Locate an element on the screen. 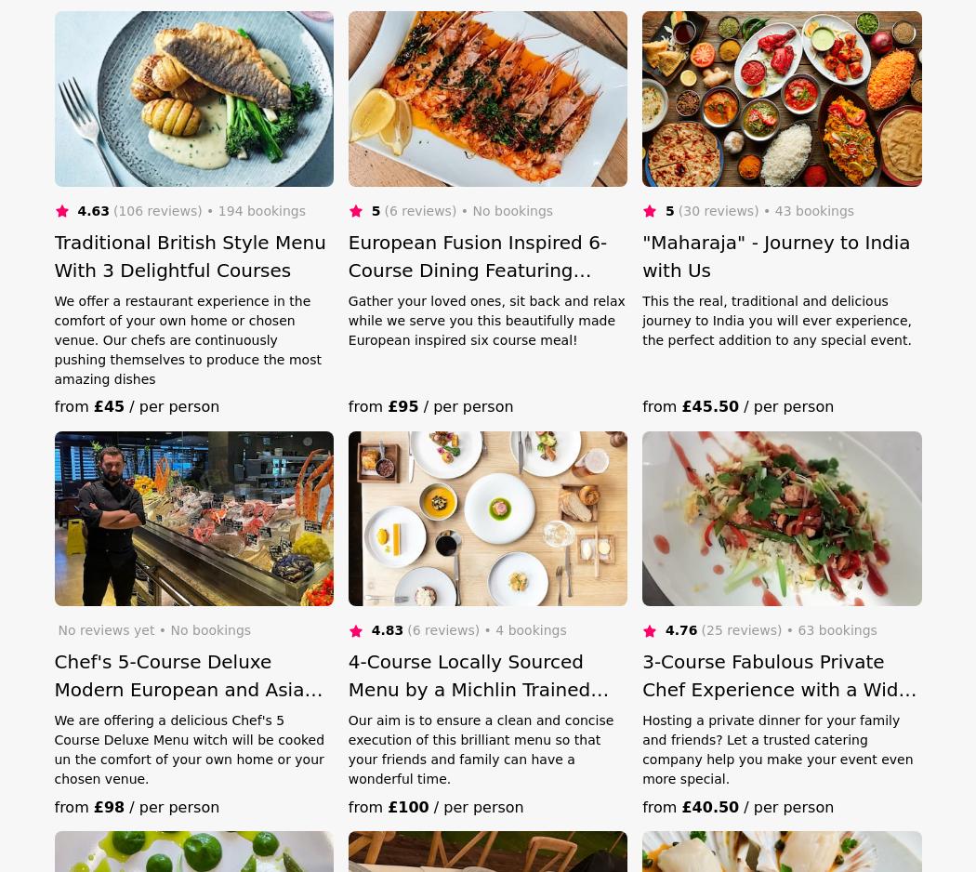 The height and width of the screenshot is (872, 976). '£95' is located at coordinates (386, 405).